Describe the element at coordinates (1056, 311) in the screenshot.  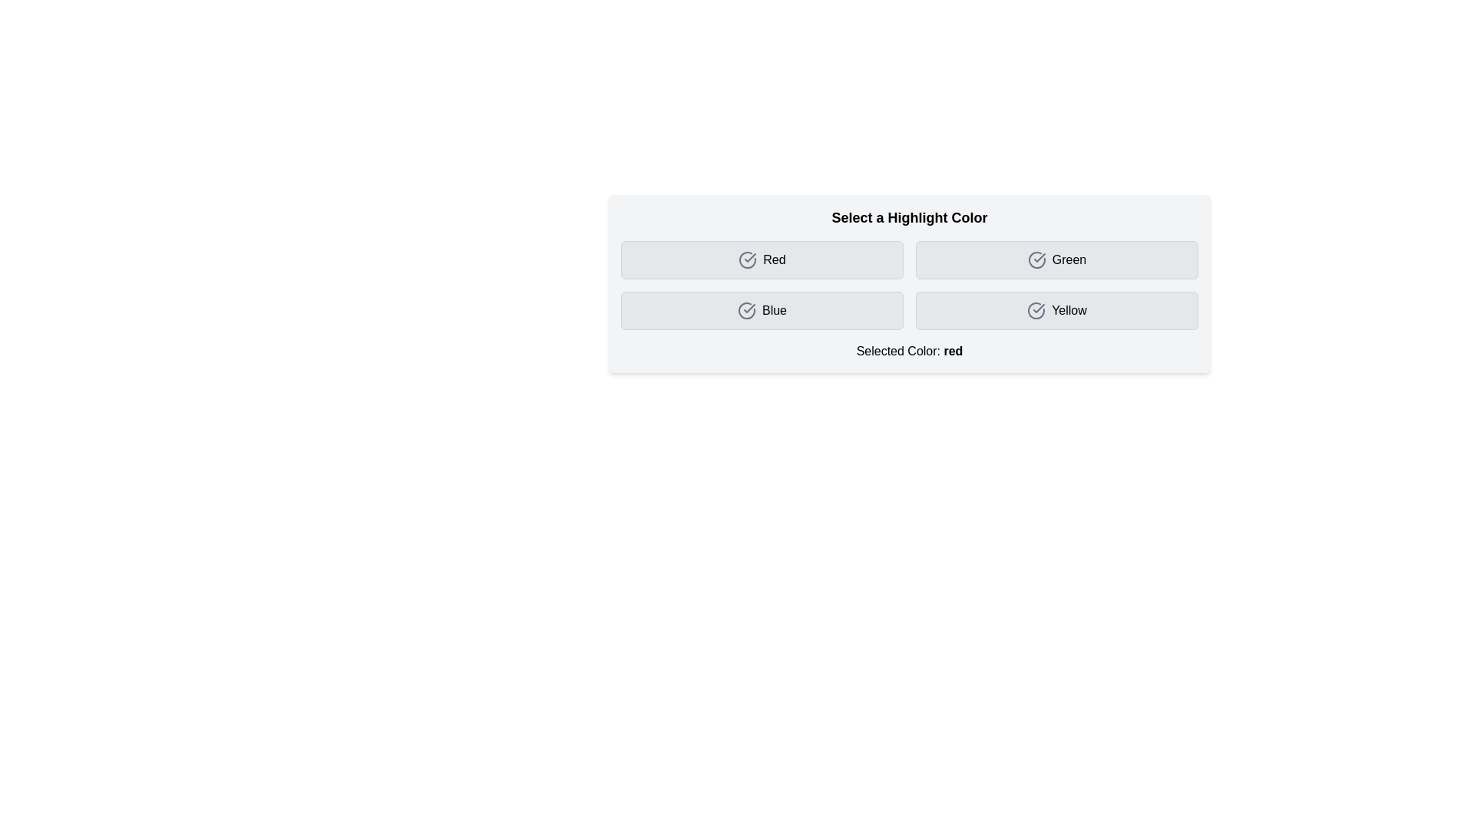
I see `the button corresponding to the color Yellow` at that location.